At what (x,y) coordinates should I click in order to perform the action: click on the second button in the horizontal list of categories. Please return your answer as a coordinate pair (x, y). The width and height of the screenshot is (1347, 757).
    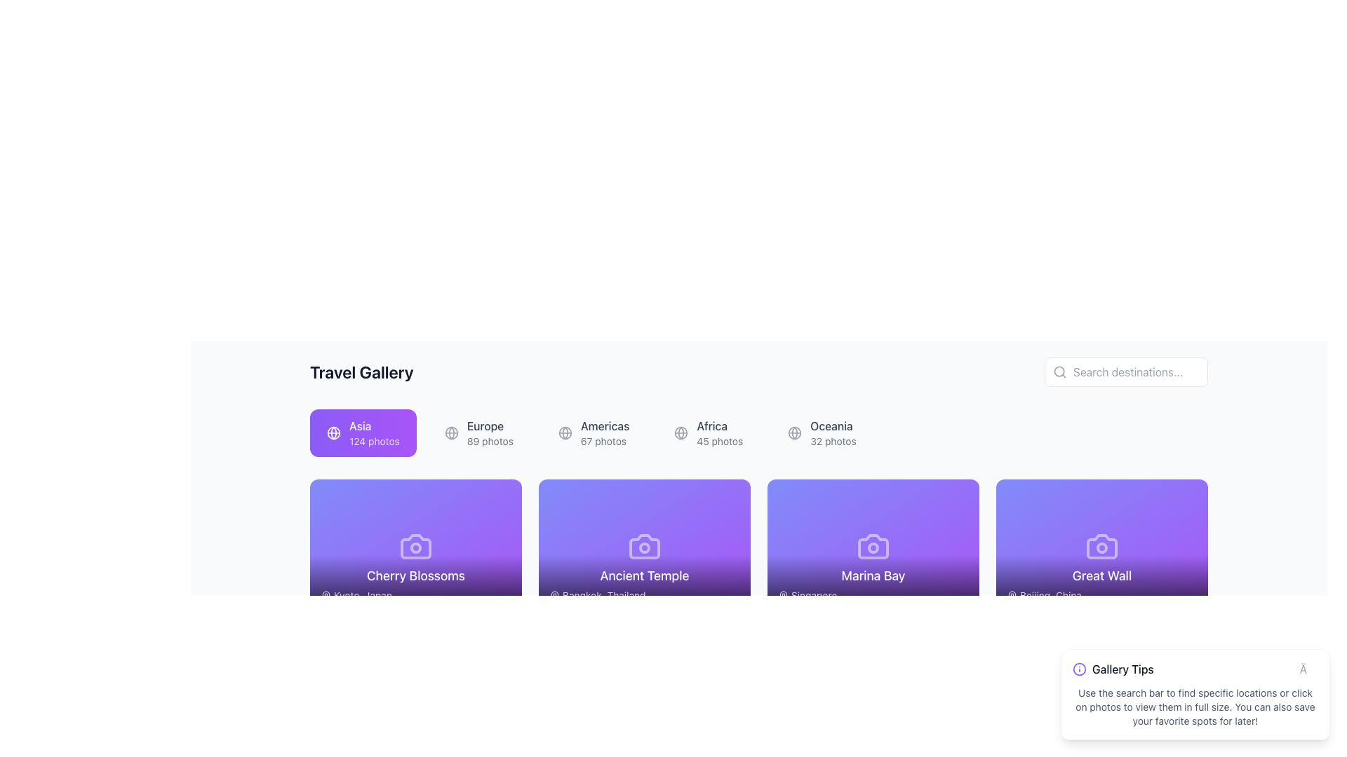
    Looking at the image, I should click on (478, 432).